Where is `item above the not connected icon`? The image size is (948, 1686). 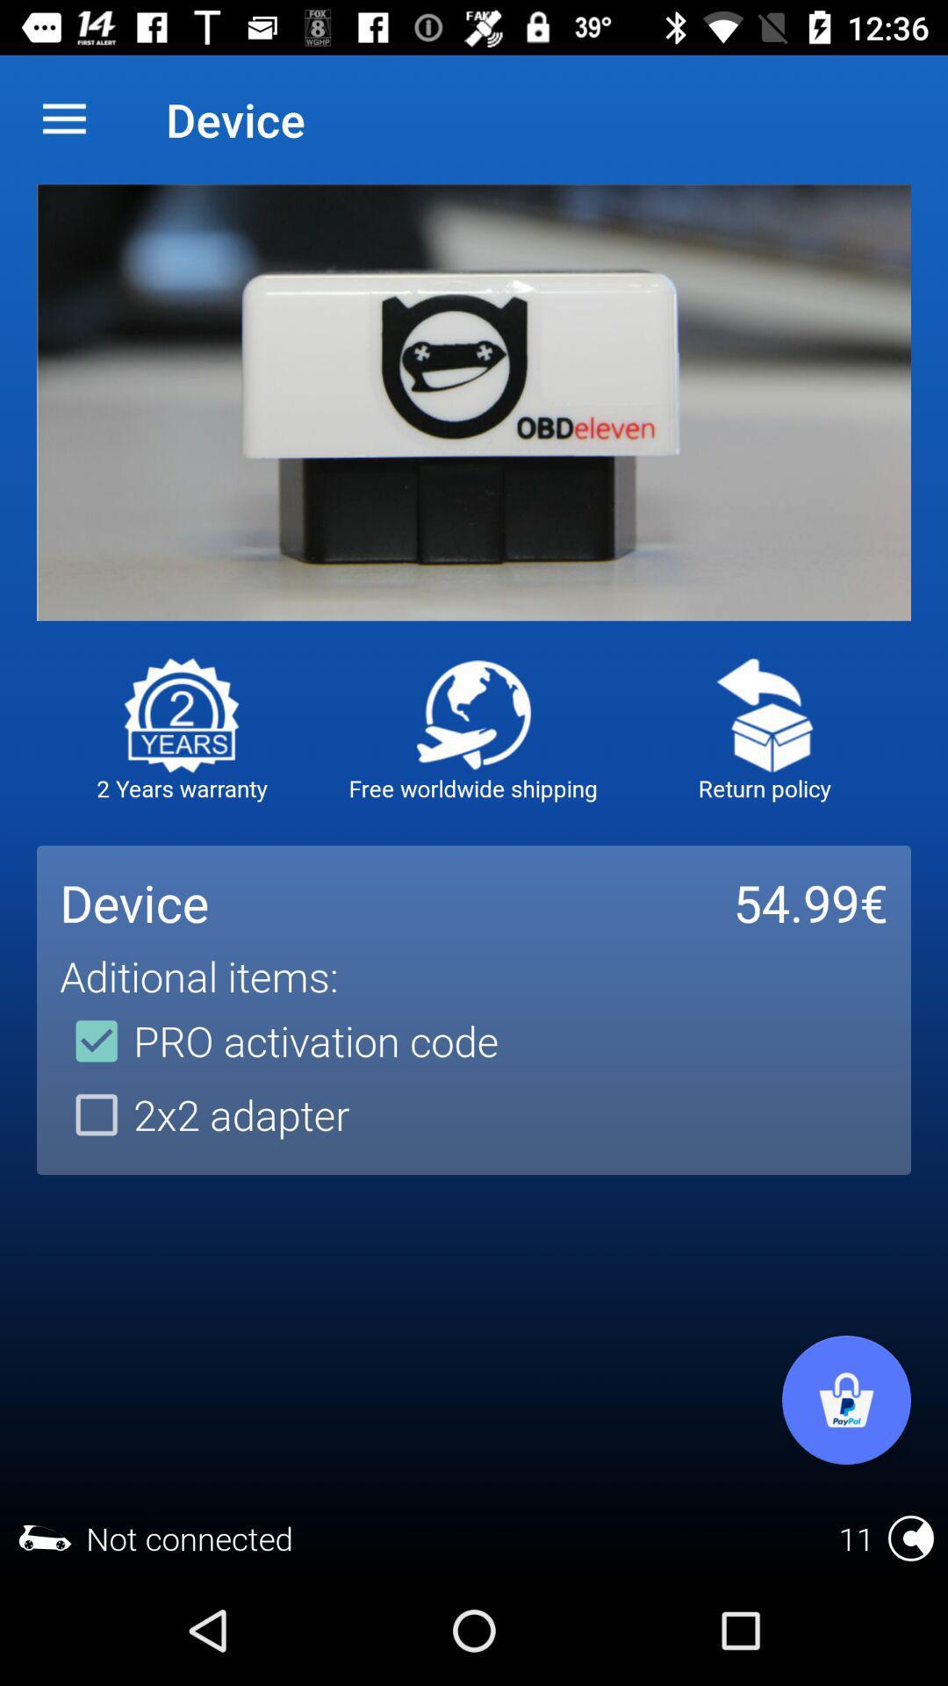
item above the not connected icon is located at coordinates (204, 1113).